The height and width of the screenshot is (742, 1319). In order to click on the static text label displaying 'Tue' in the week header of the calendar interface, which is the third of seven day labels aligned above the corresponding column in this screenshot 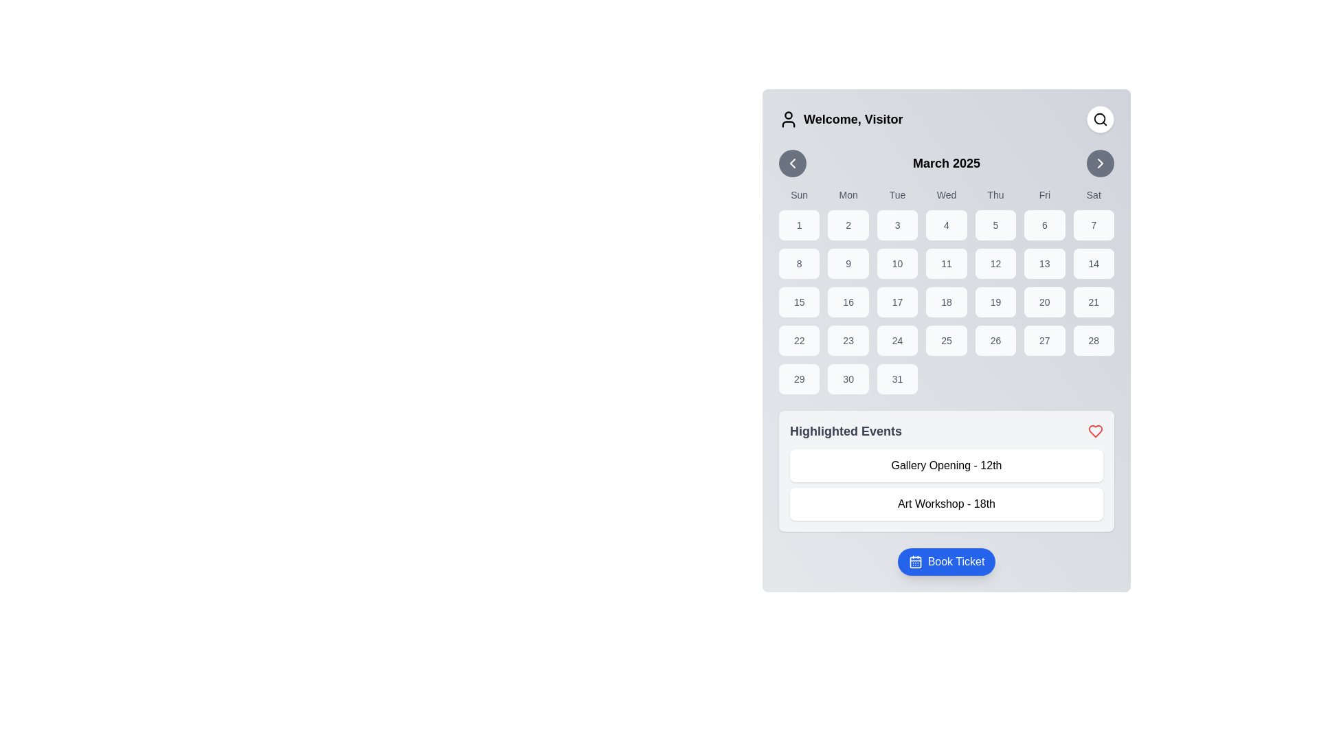, I will do `click(897, 195)`.